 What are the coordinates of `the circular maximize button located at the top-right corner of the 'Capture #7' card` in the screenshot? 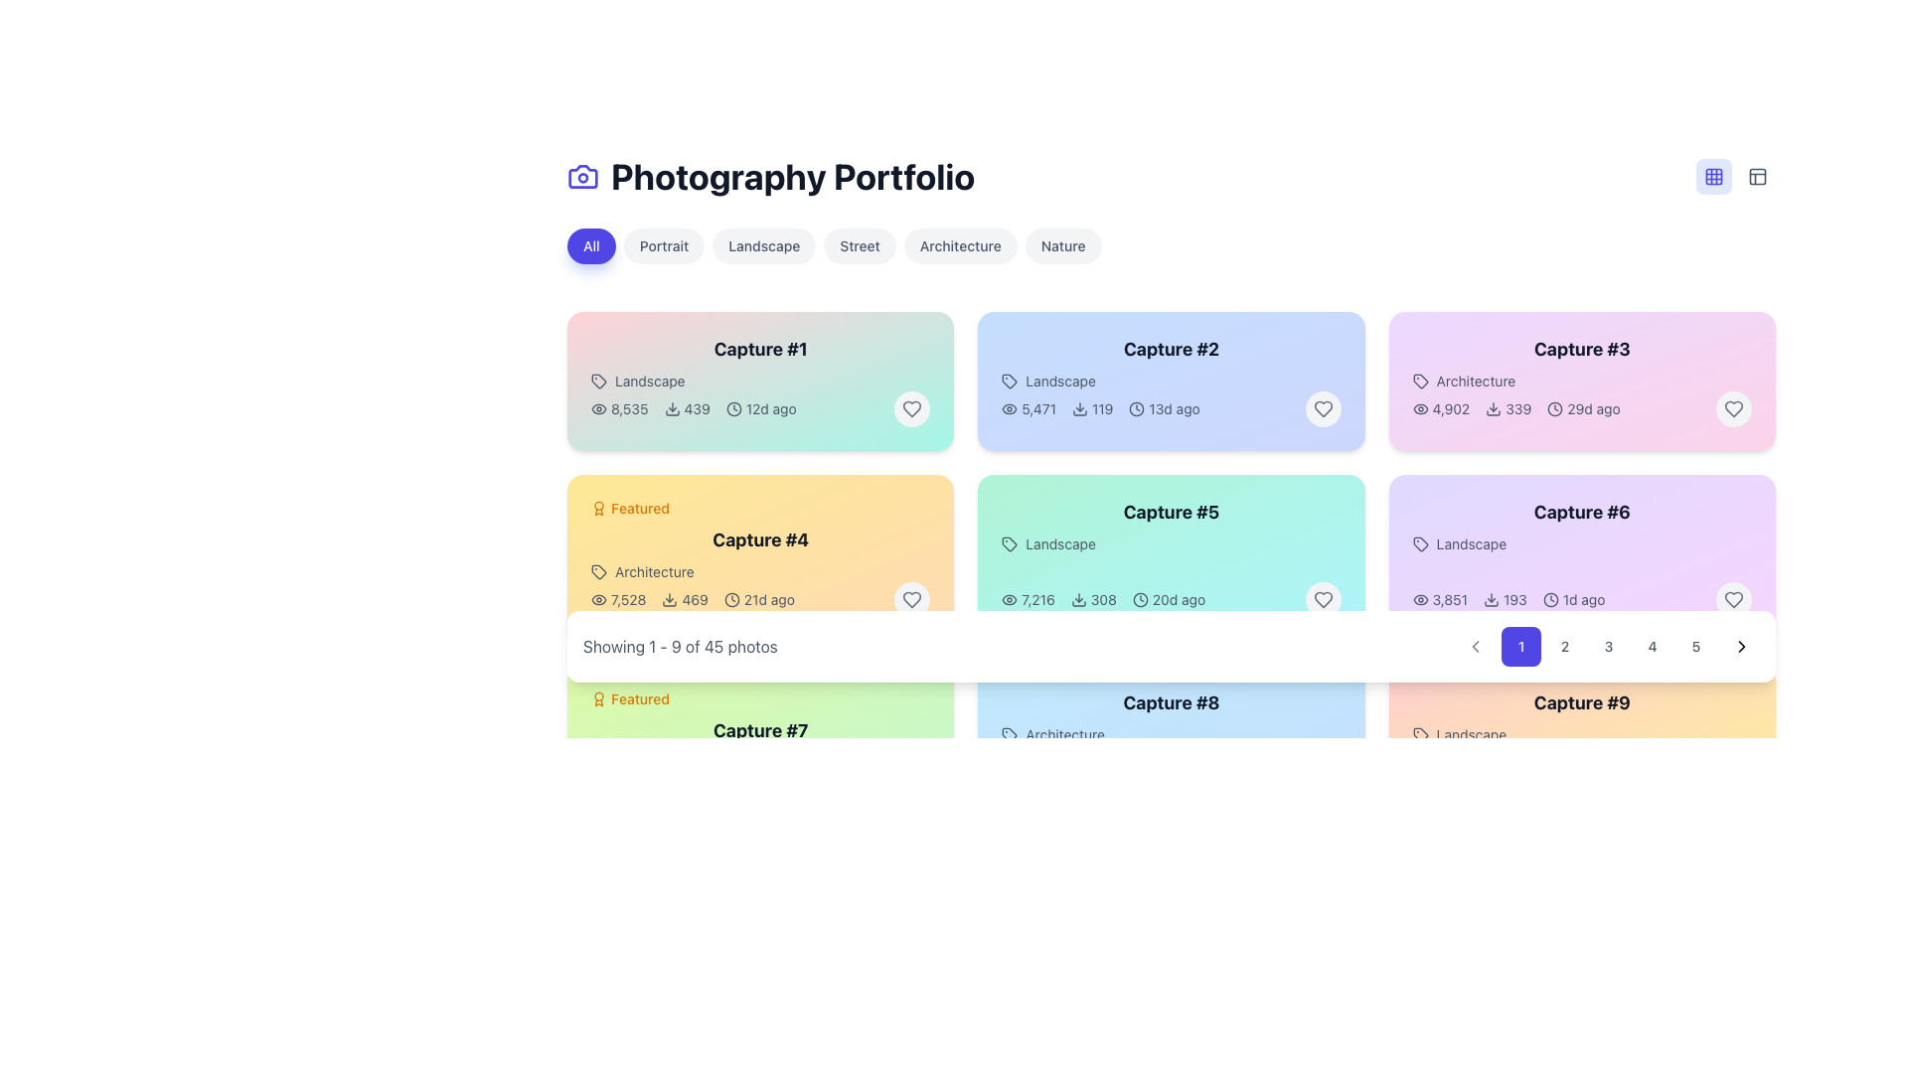 It's located at (919, 698).